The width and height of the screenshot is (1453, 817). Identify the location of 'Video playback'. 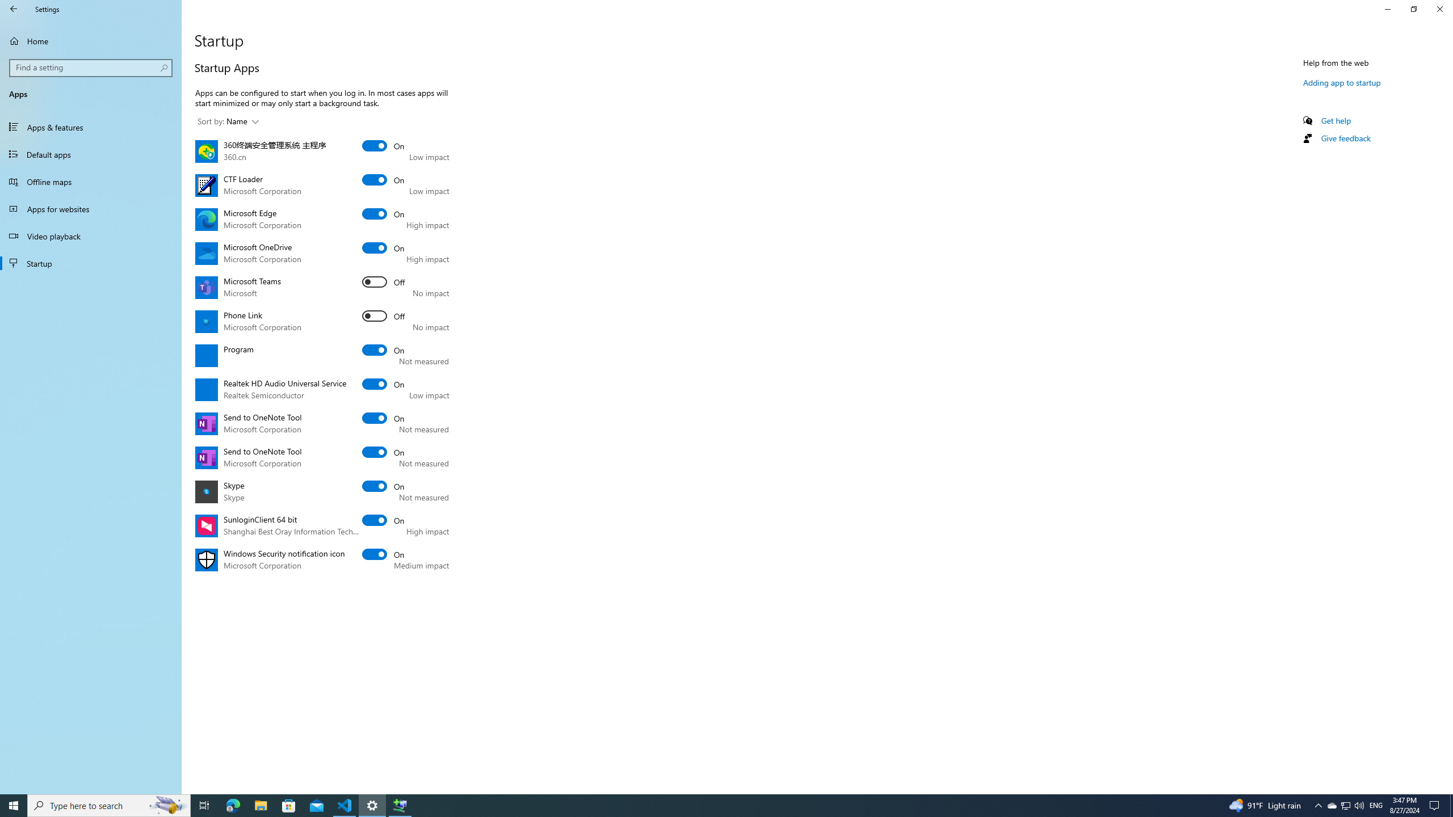
(90, 235).